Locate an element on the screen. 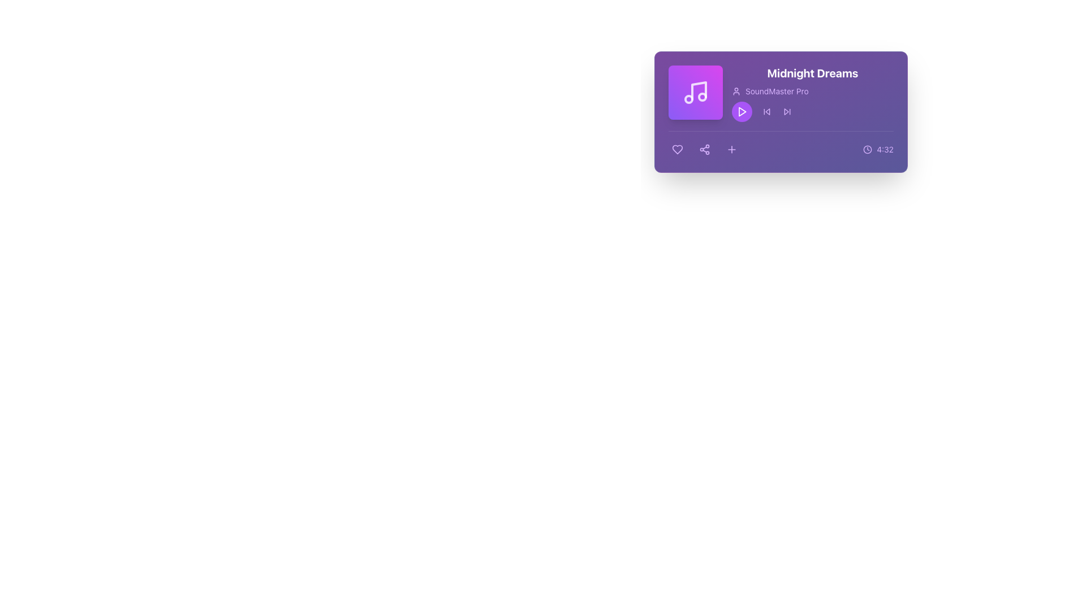 The width and height of the screenshot is (1086, 610). the heart-shaped icon button outlined in purple, located in the bottom-left section of the music information card, to like is located at coordinates (678, 149).